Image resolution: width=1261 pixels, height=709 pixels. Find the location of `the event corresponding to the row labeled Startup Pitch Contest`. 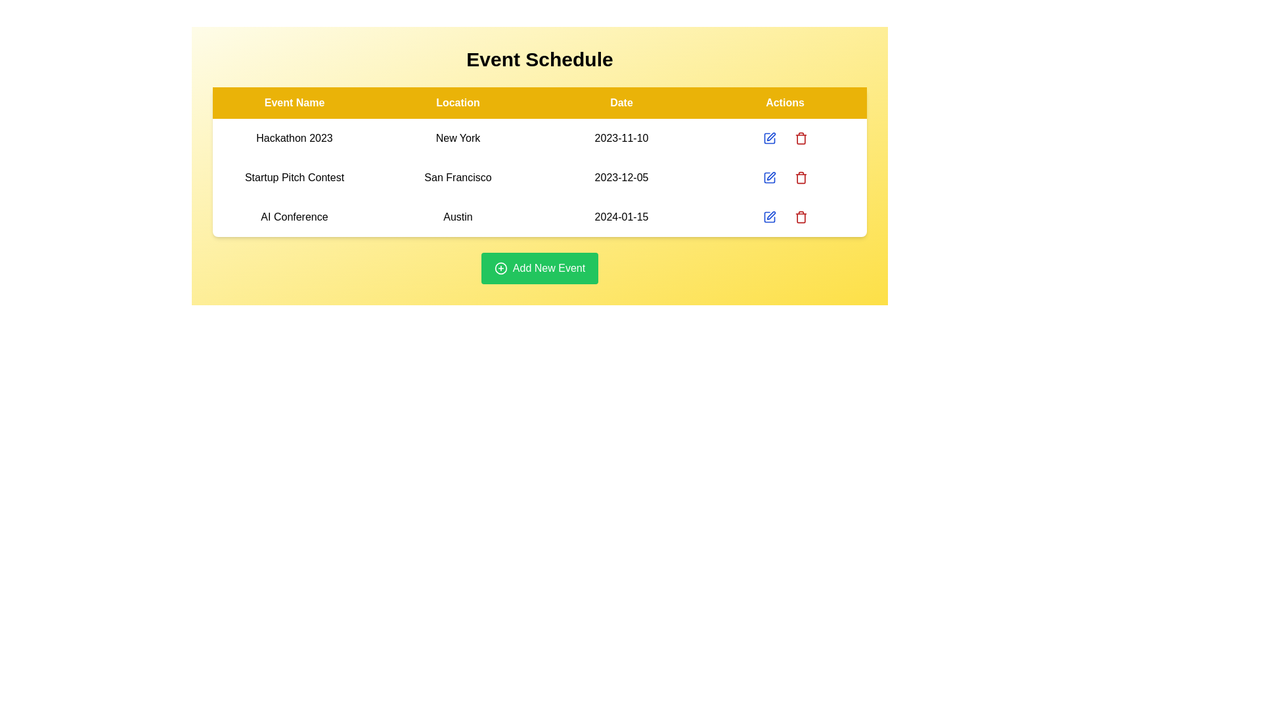

the event corresponding to the row labeled Startup Pitch Contest is located at coordinates (800, 177).